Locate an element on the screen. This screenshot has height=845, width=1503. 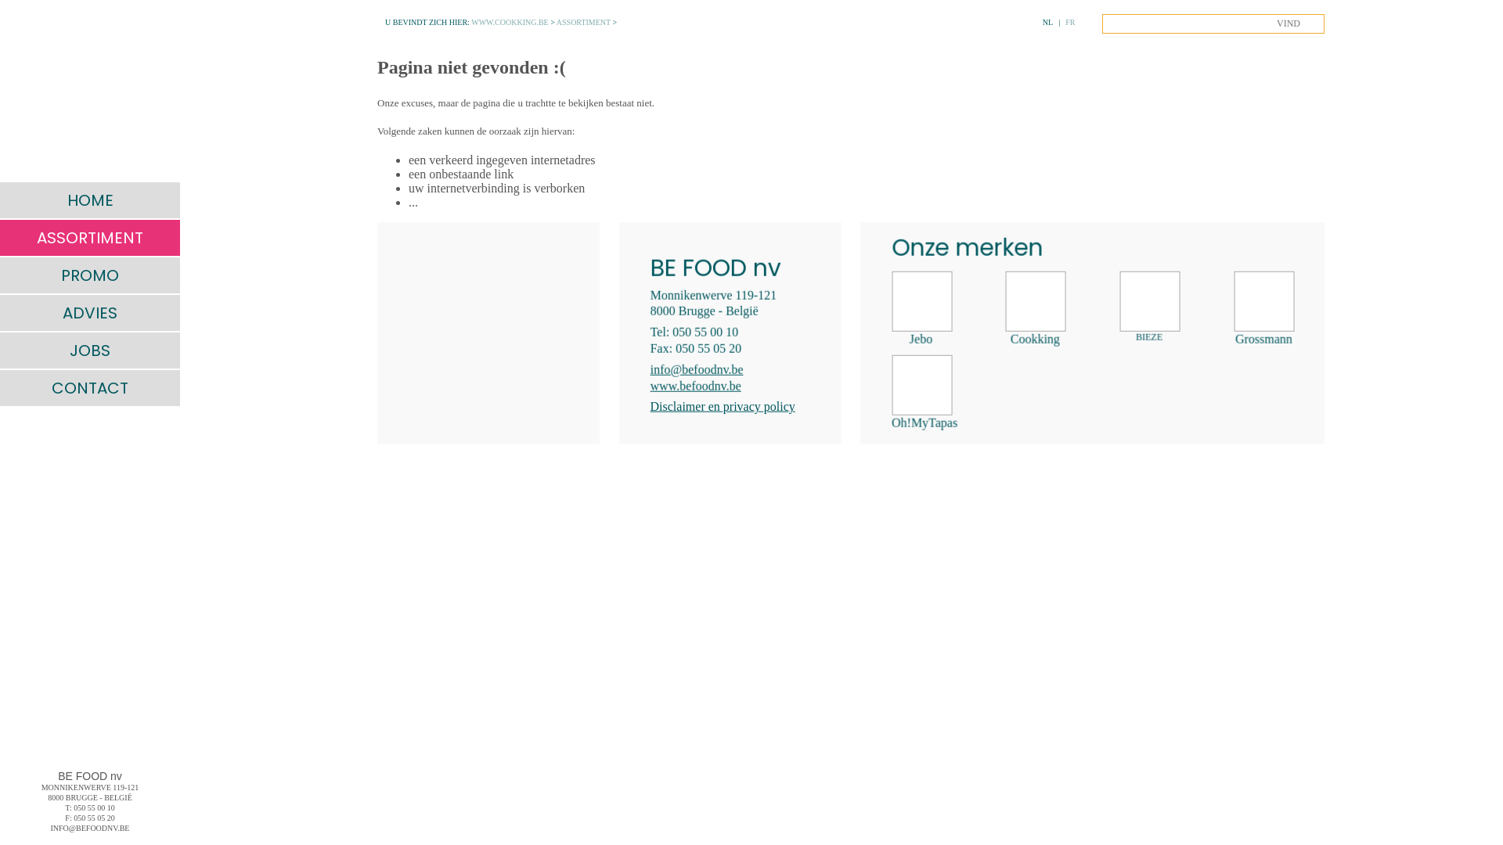
'PROMO' is located at coordinates (89, 274).